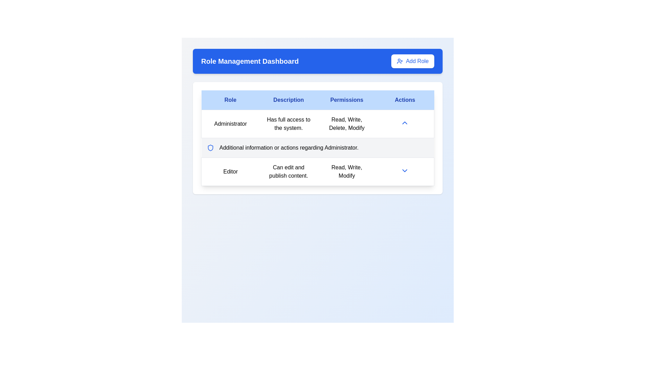  Describe the element at coordinates (210, 148) in the screenshot. I see `the shield icon, which is filled with a blue stroke, located next to the text 'Additional information or actions regarding Administrator.'` at that location.